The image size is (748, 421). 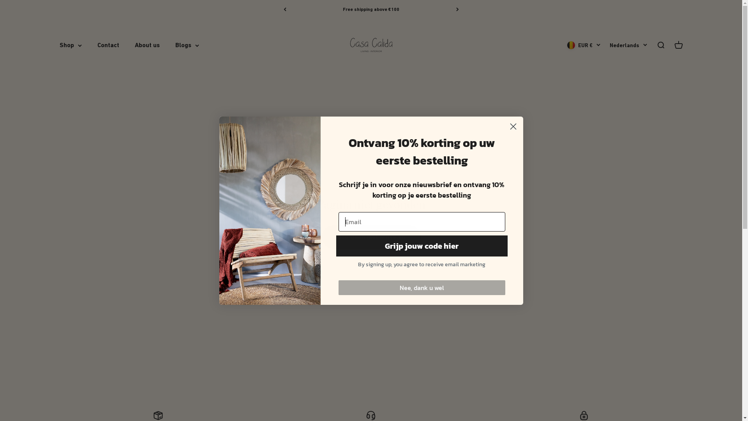 What do you see at coordinates (660, 45) in the screenshot?
I see `'Zoeken openen'` at bounding box center [660, 45].